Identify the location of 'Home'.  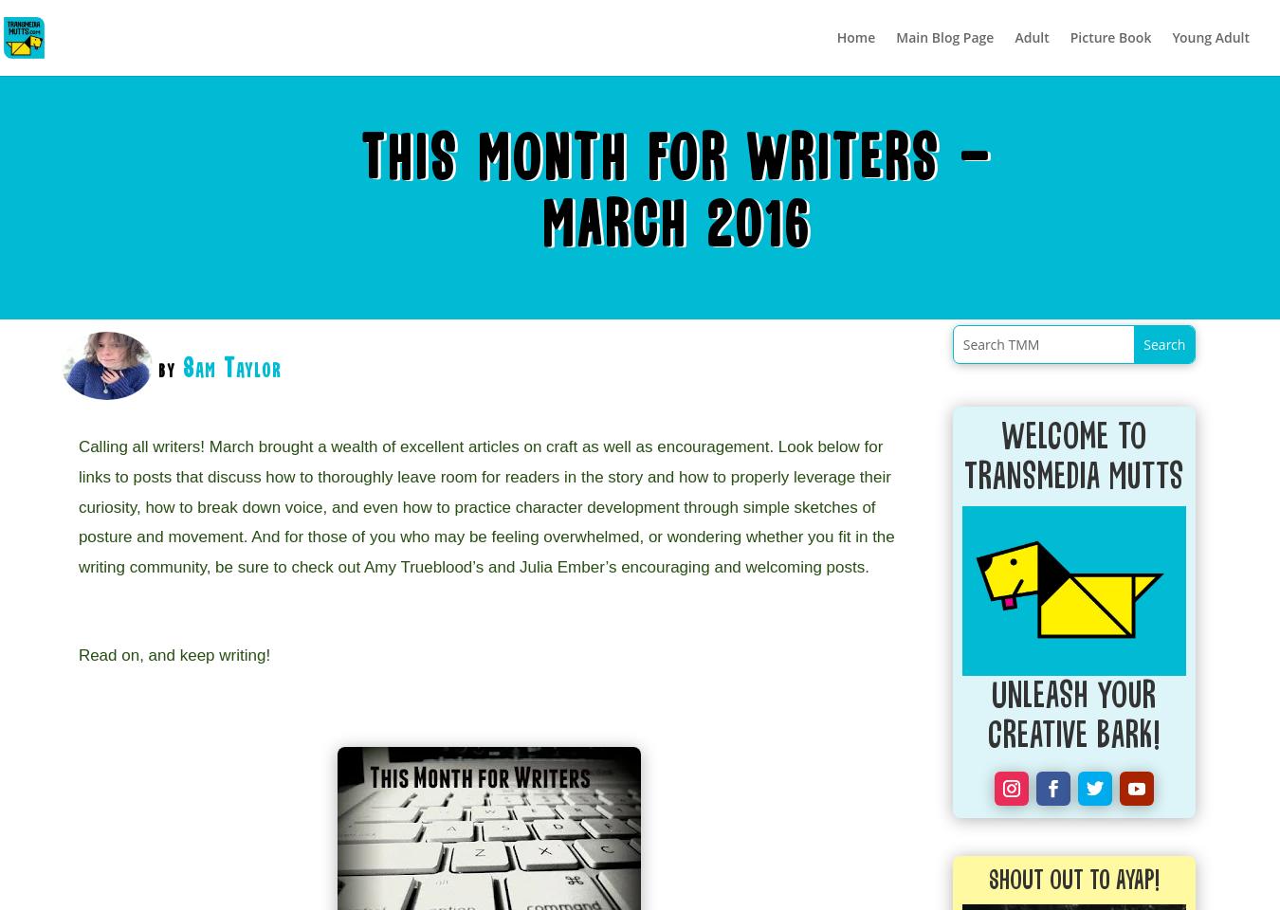
(854, 36).